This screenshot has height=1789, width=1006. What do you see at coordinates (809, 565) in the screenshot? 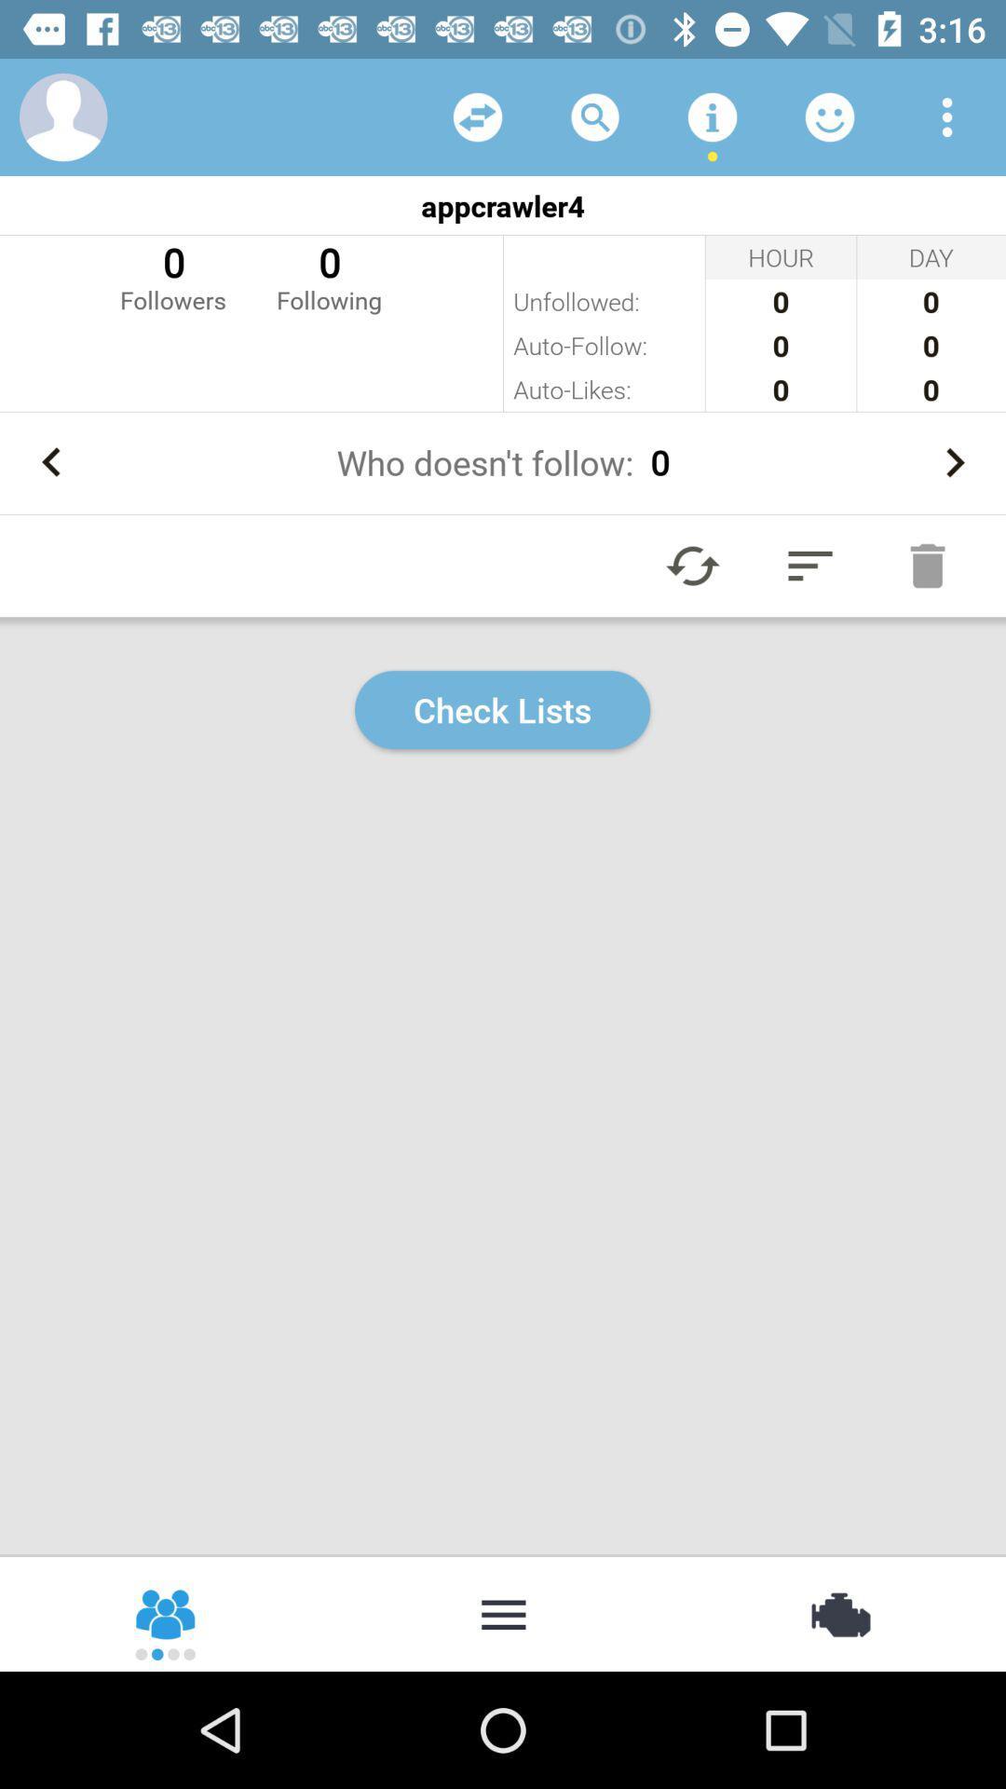
I see `the filter_list icon` at bounding box center [809, 565].